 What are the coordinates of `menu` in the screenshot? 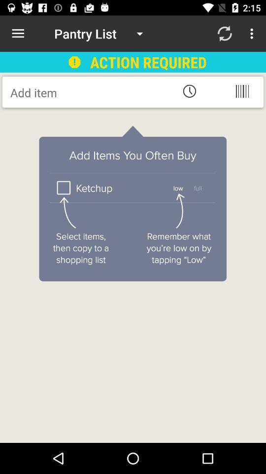 It's located at (241, 91).